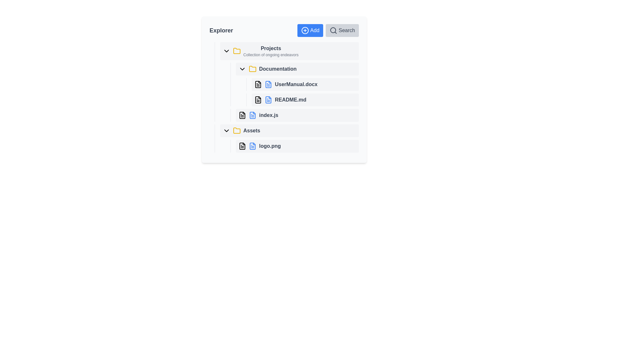  What do you see at coordinates (271, 50) in the screenshot?
I see `the 'Projects' text label, which is a two-line text block under the 'Explorer' header in the file explorer panel` at bounding box center [271, 50].